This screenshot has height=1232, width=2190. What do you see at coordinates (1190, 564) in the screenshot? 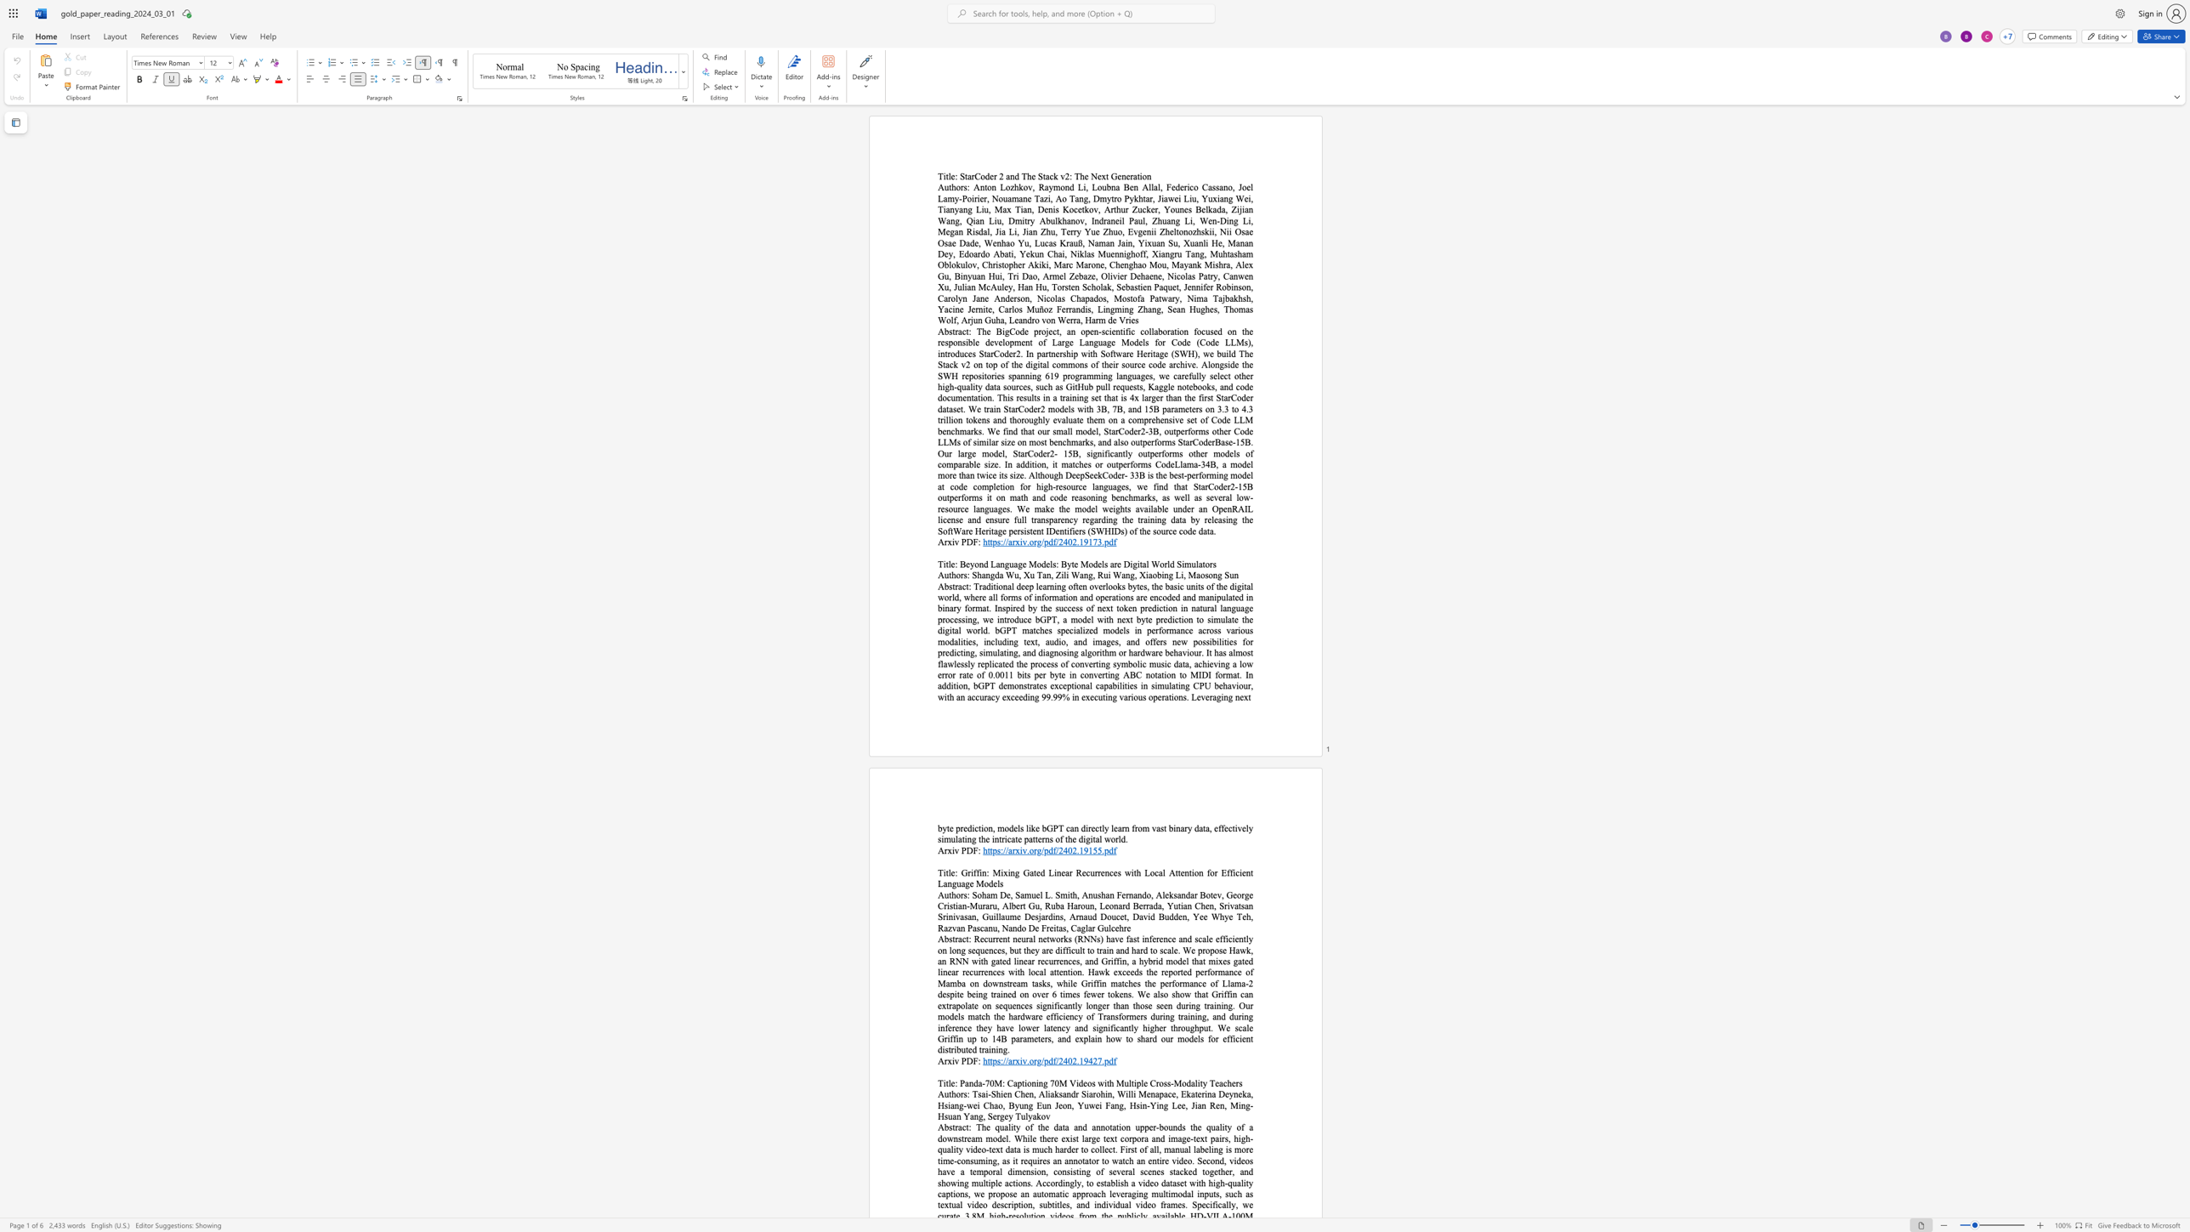
I see `the space between the continuous character "m" and "u" in the text` at bounding box center [1190, 564].